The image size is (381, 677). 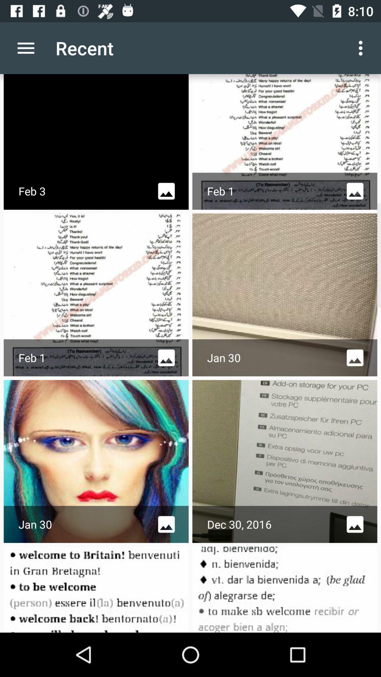 What do you see at coordinates (25, 48) in the screenshot?
I see `icon to the left of recent icon` at bounding box center [25, 48].